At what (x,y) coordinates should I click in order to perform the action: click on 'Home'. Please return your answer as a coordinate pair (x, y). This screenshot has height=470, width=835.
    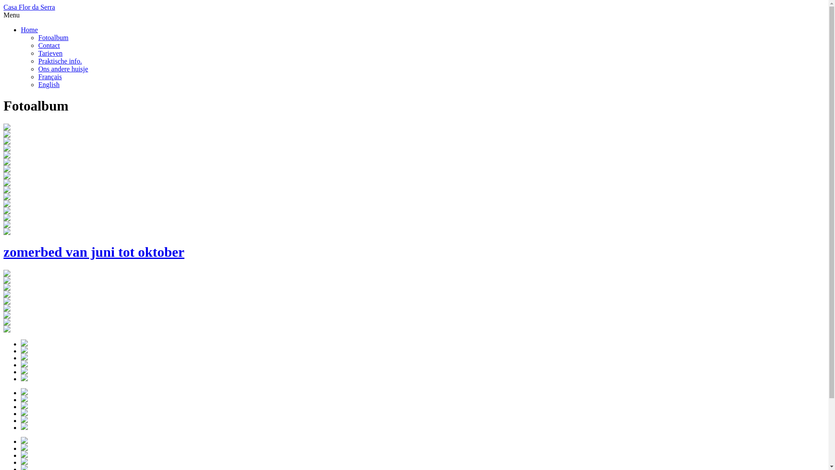
    Looking at the image, I should click on (29, 29).